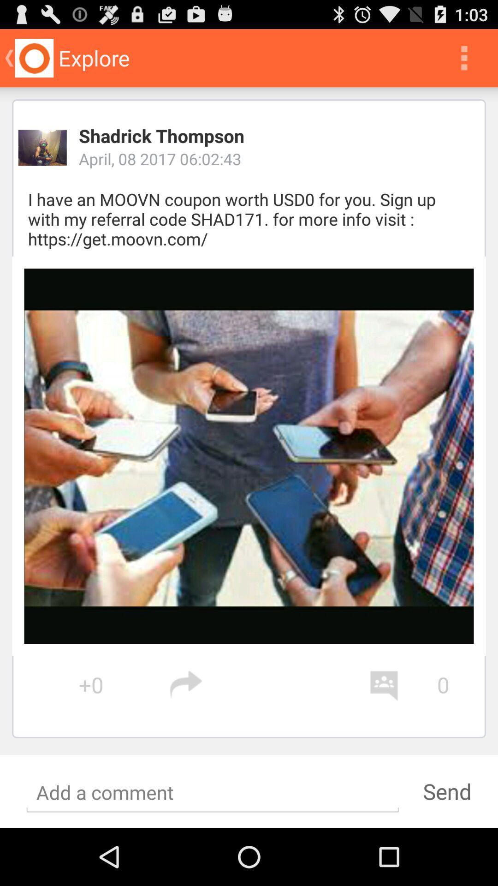 The height and width of the screenshot is (886, 498). What do you see at coordinates (249, 456) in the screenshot?
I see `icon at the center` at bounding box center [249, 456].